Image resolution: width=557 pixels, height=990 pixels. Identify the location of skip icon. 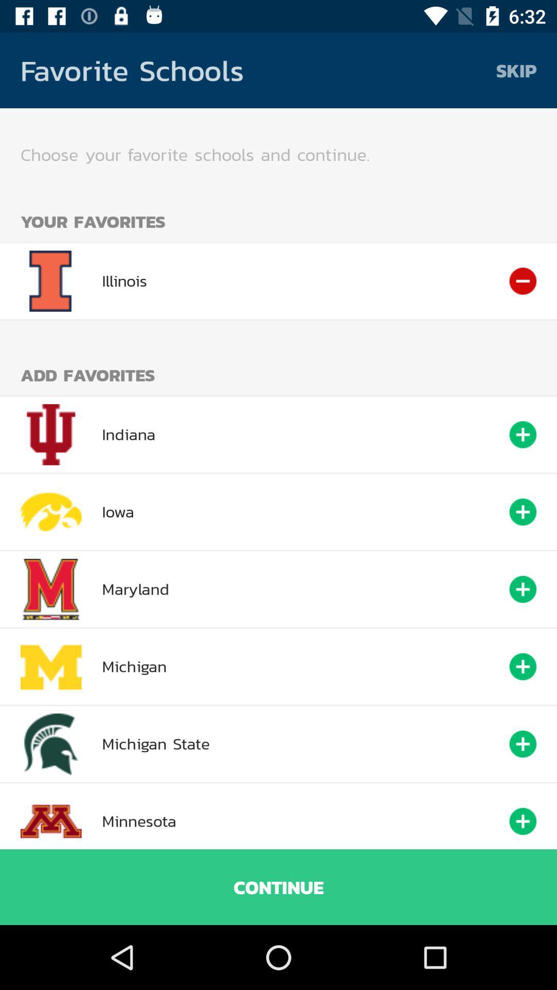
(516, 70).